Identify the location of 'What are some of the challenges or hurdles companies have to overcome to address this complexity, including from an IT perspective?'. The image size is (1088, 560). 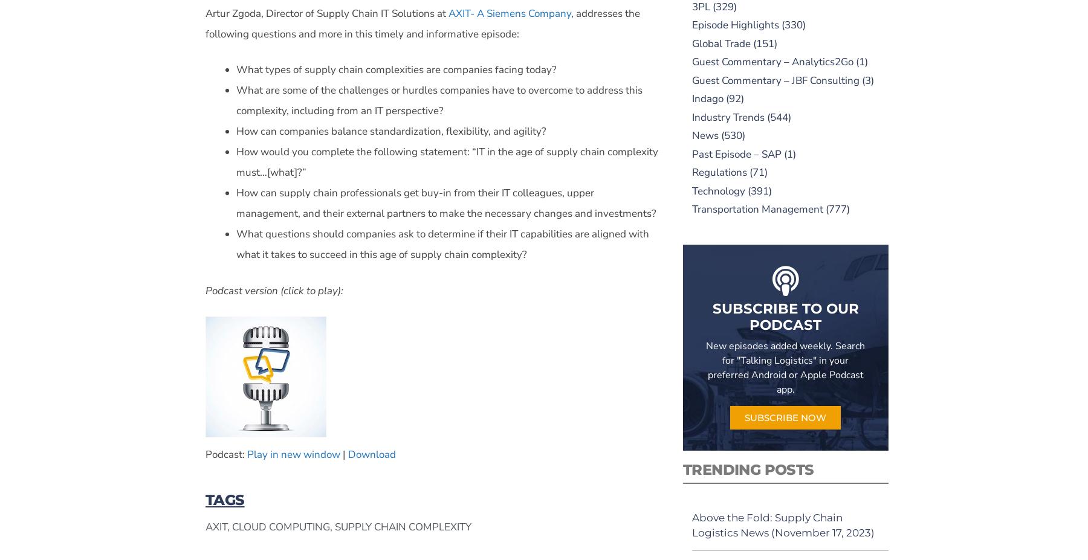
(439, 100).